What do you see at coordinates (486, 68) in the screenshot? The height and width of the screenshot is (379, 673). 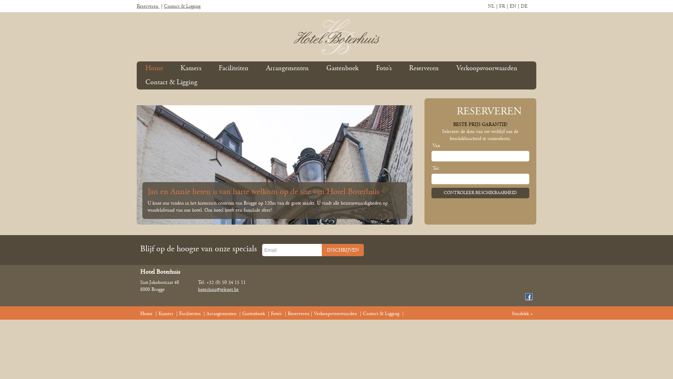 I see `'Verkoopsvoorwaarden'` at bounding box center [486, 68].